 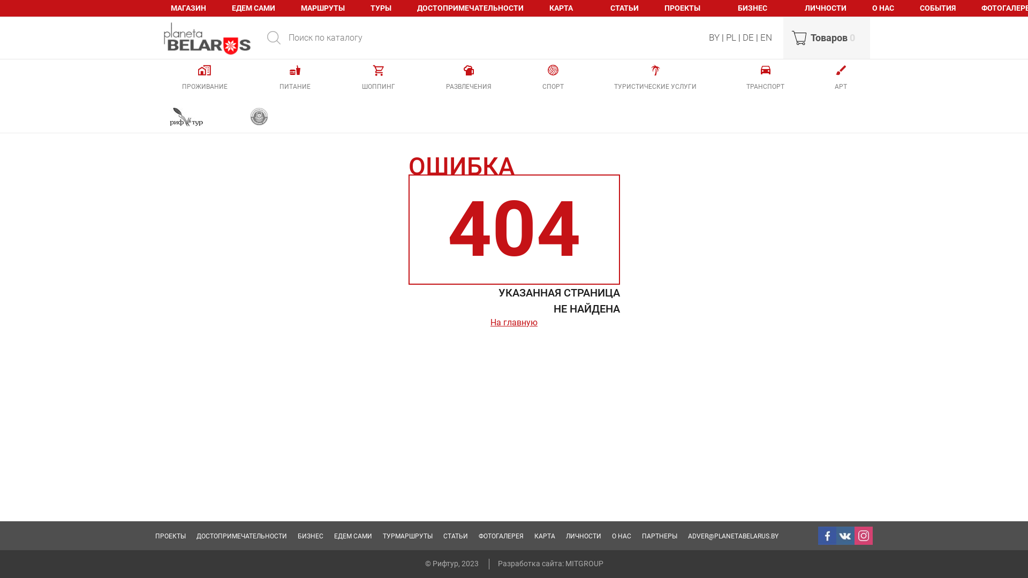 I want to click on 'EN', so click(x=765, y=36).